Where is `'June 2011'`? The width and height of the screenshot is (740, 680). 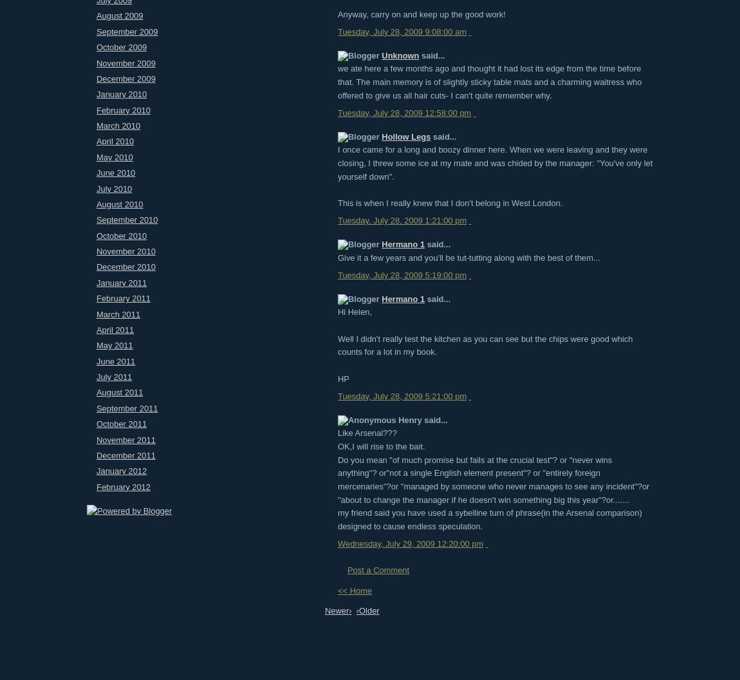 'June 2011' is located at coordinates (115, 361).